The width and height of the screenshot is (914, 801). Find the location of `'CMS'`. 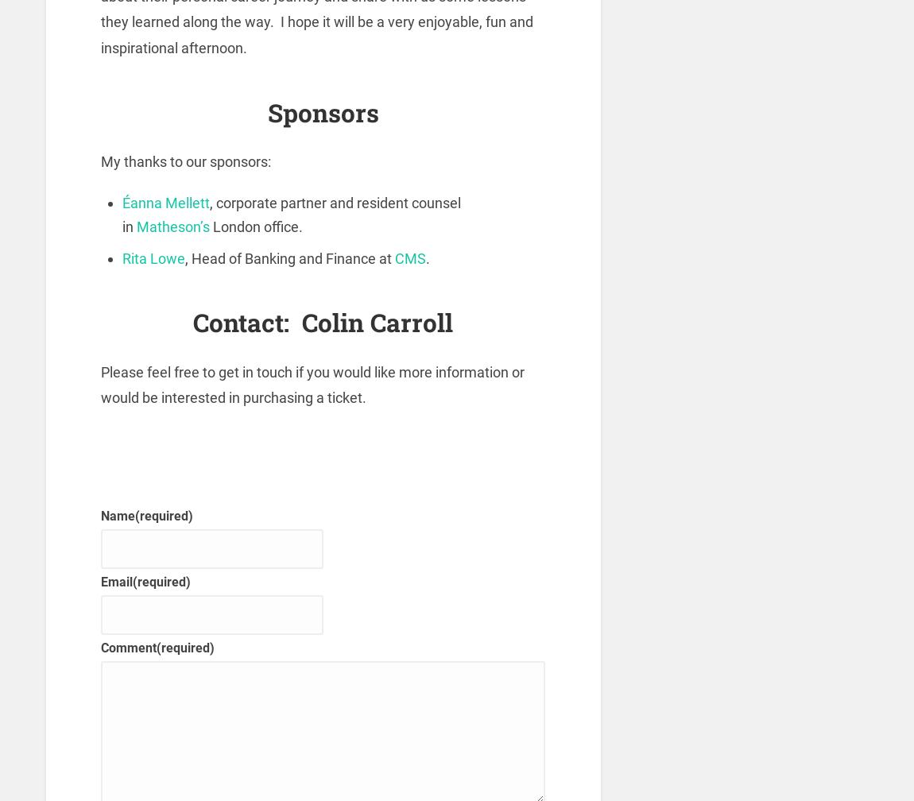

'CMS' is located at coordinates (410, 257).